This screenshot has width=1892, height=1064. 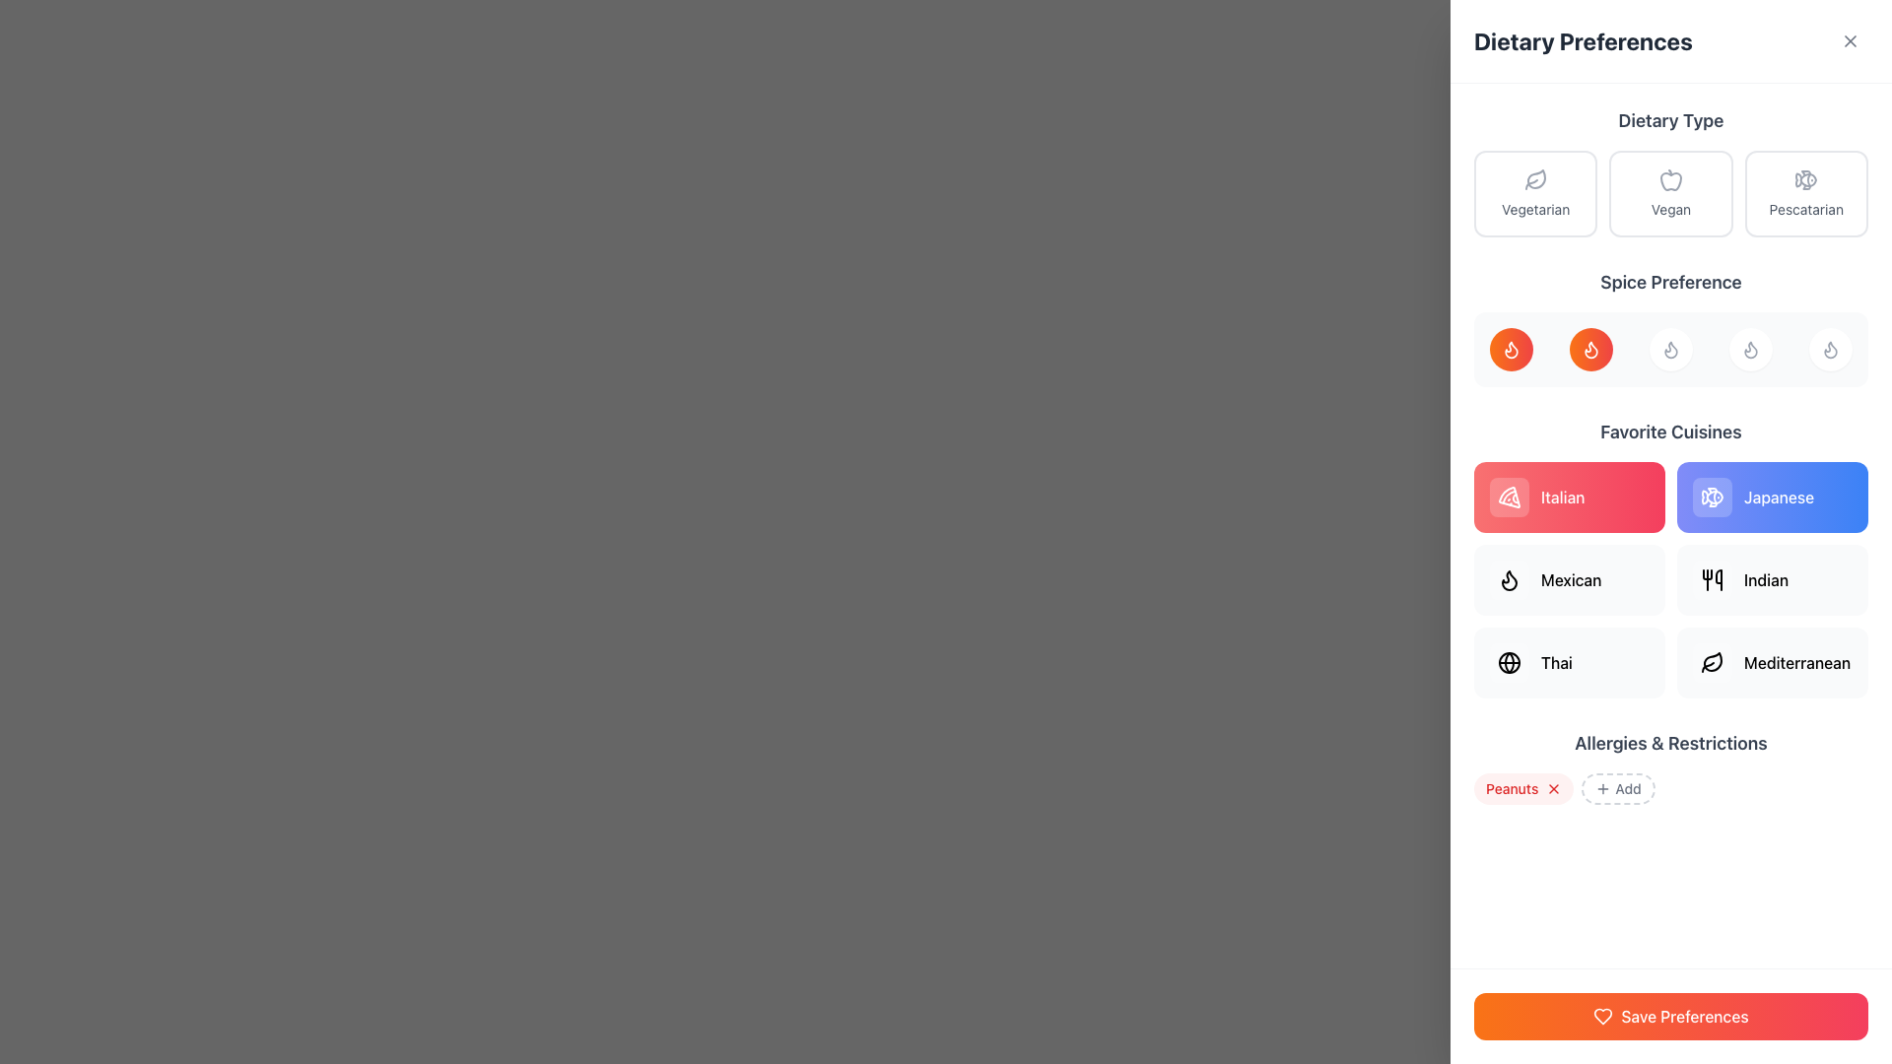 I want to click on the icon representing the lowest spice preference level in the 'Spice Preference' section of the 'Dietary Preferences' panel, so click(x=1511, y=348).